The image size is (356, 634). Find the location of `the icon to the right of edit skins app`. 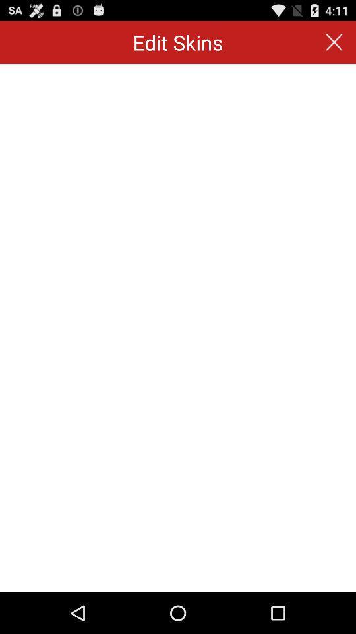

the icon to the right of edit skins app is located at coordinates (334, 42).